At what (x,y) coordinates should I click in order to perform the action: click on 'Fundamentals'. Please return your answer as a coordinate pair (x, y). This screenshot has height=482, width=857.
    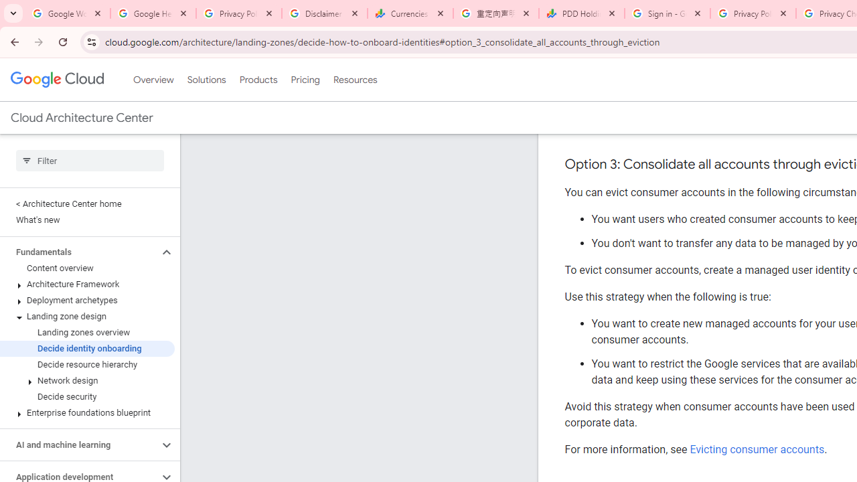
    Looking at the image, I should click on (78, 252).